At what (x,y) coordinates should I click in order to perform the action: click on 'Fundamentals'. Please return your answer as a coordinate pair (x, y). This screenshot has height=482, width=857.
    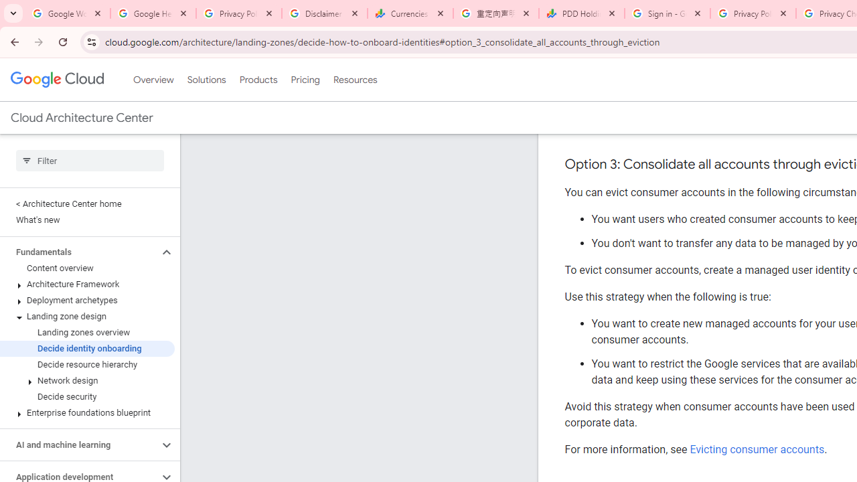
    Looking at the image, I should click on (78, 252).